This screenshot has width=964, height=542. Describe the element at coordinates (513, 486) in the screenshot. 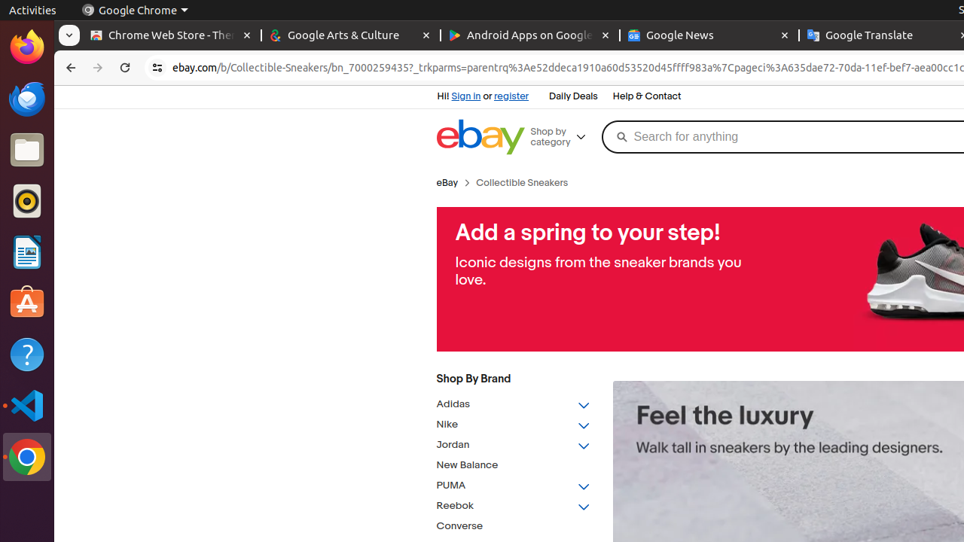

I see `'PUMA'` at that location.